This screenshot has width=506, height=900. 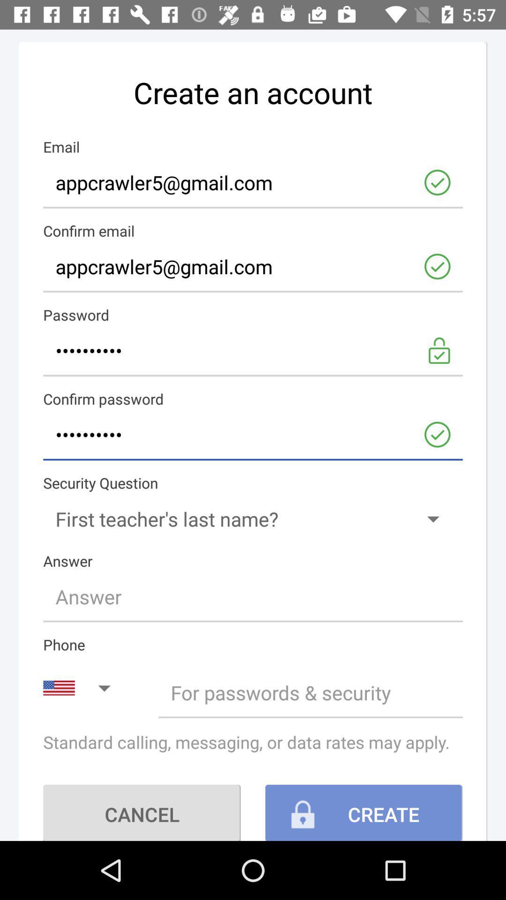 I want to click on type the answer line, so click(x=253, y=596).